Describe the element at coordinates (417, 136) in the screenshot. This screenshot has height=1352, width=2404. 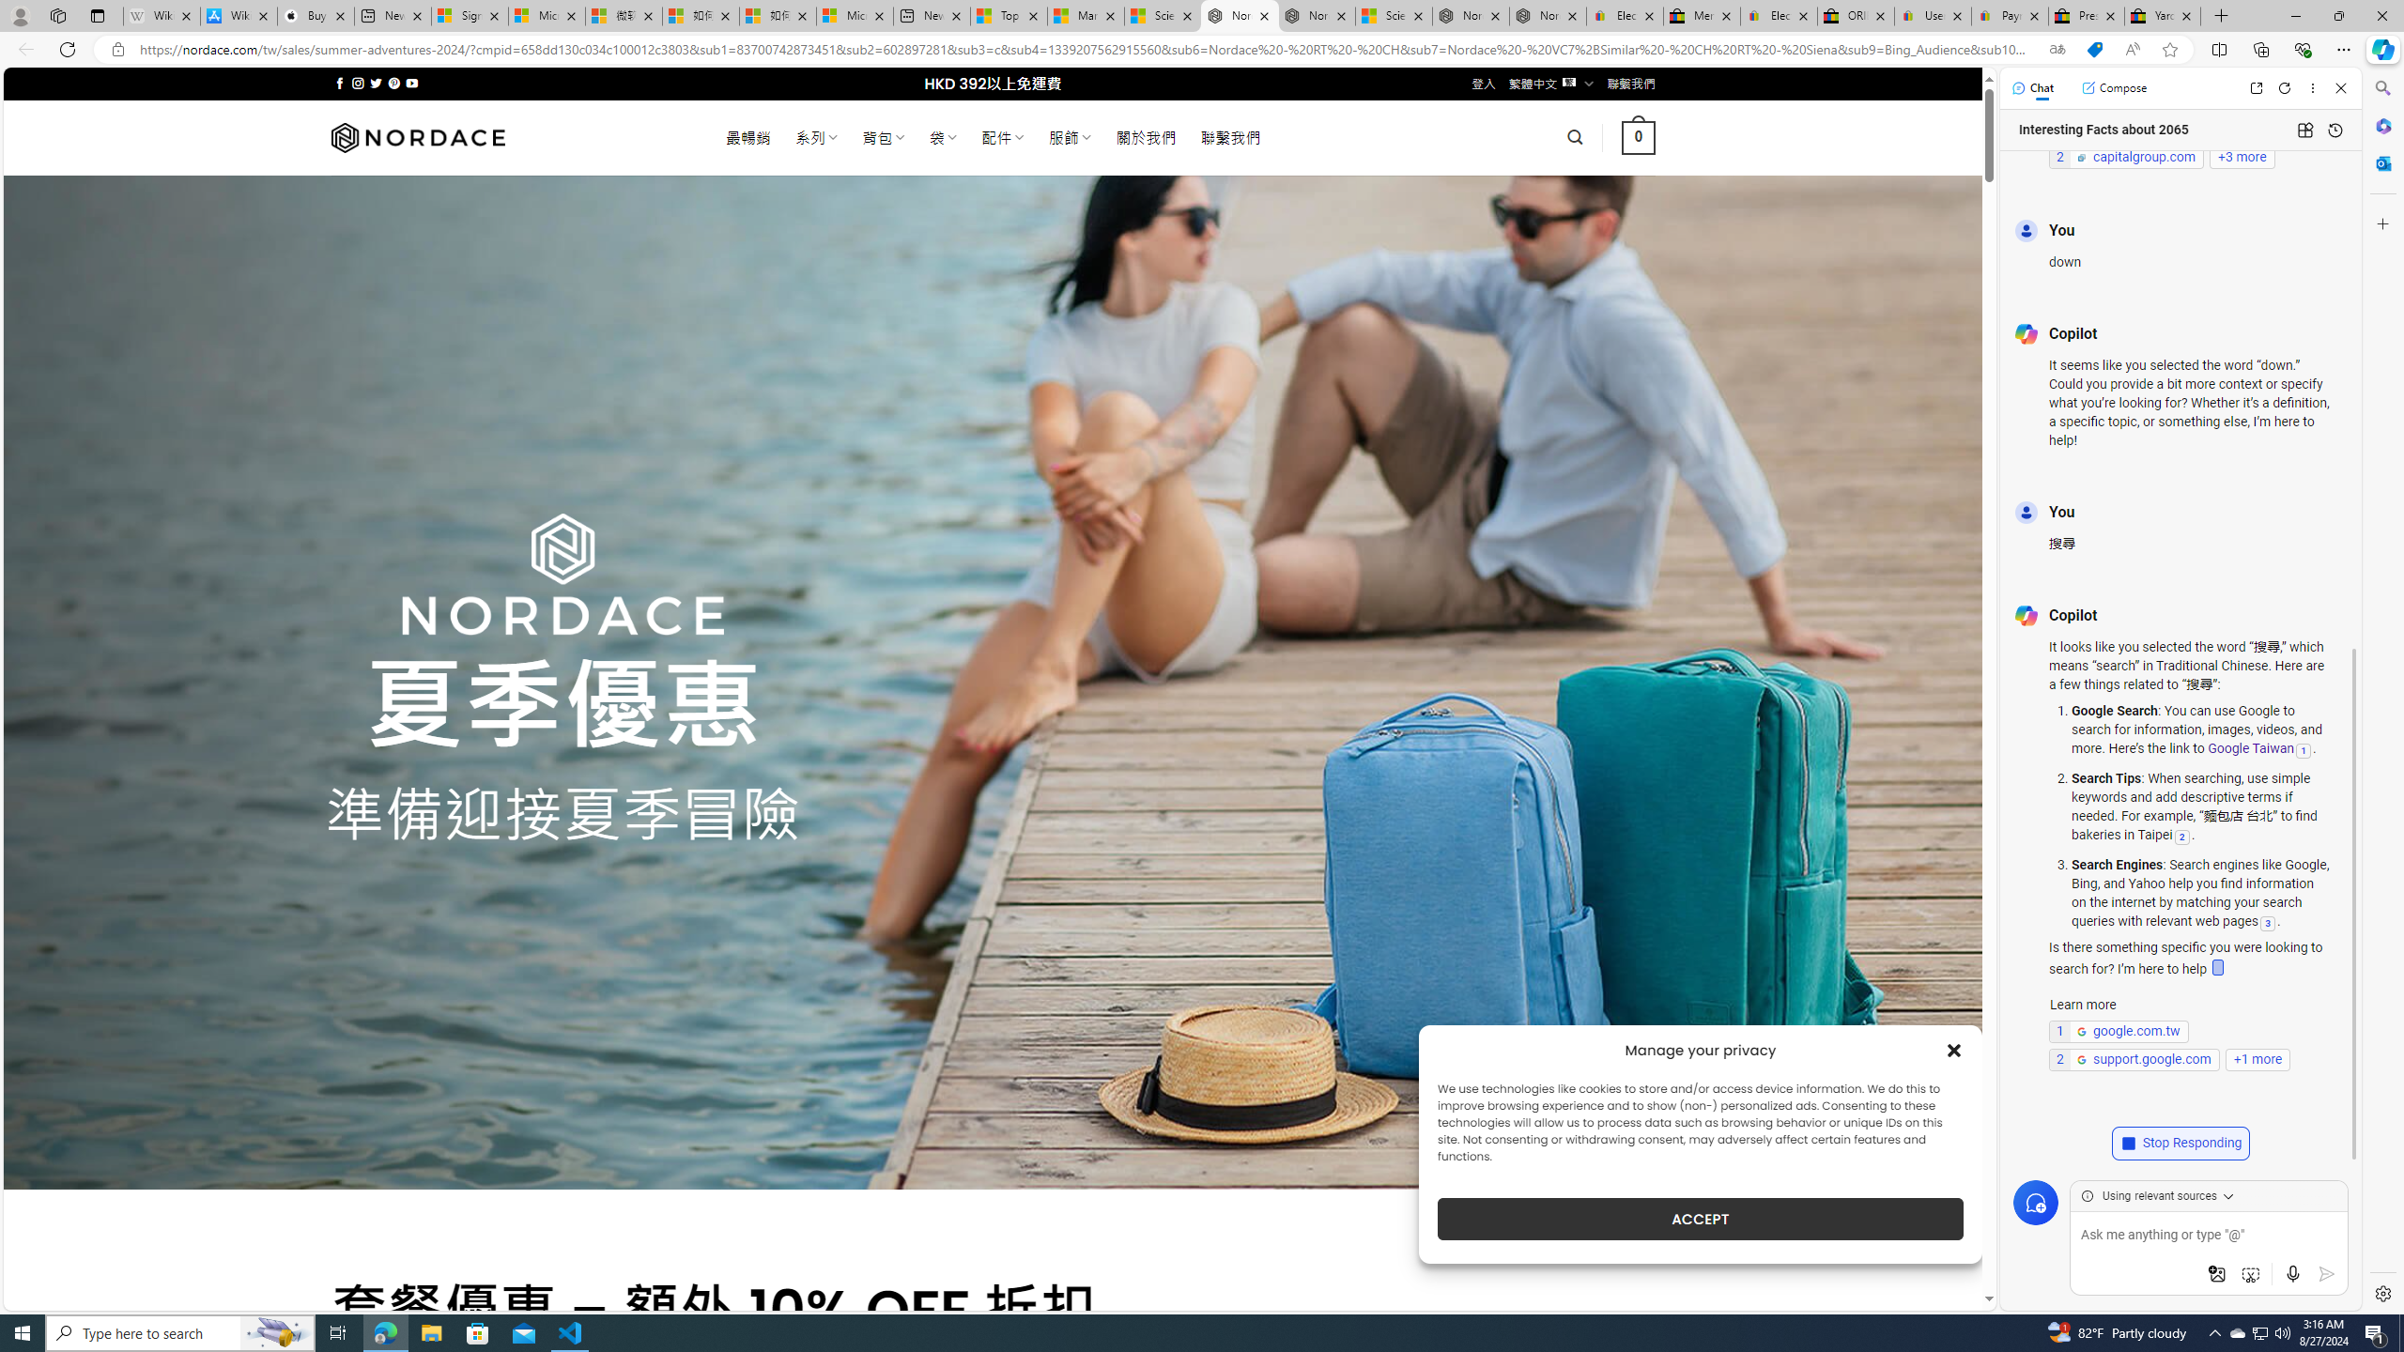
I see `'Nordace'` at that location.